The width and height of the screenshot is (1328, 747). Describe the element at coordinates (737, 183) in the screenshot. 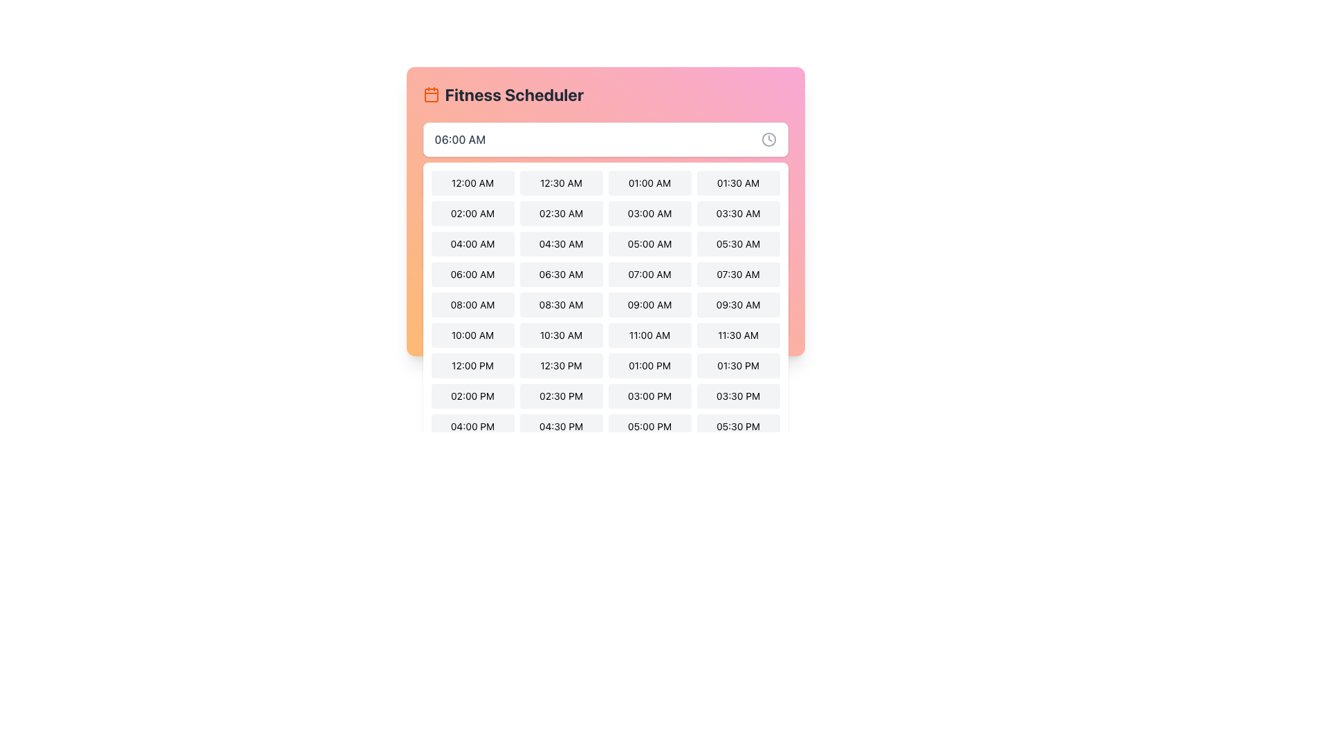

I see `the '01:30 AM' time selection button in the dropdown grid` at that location.